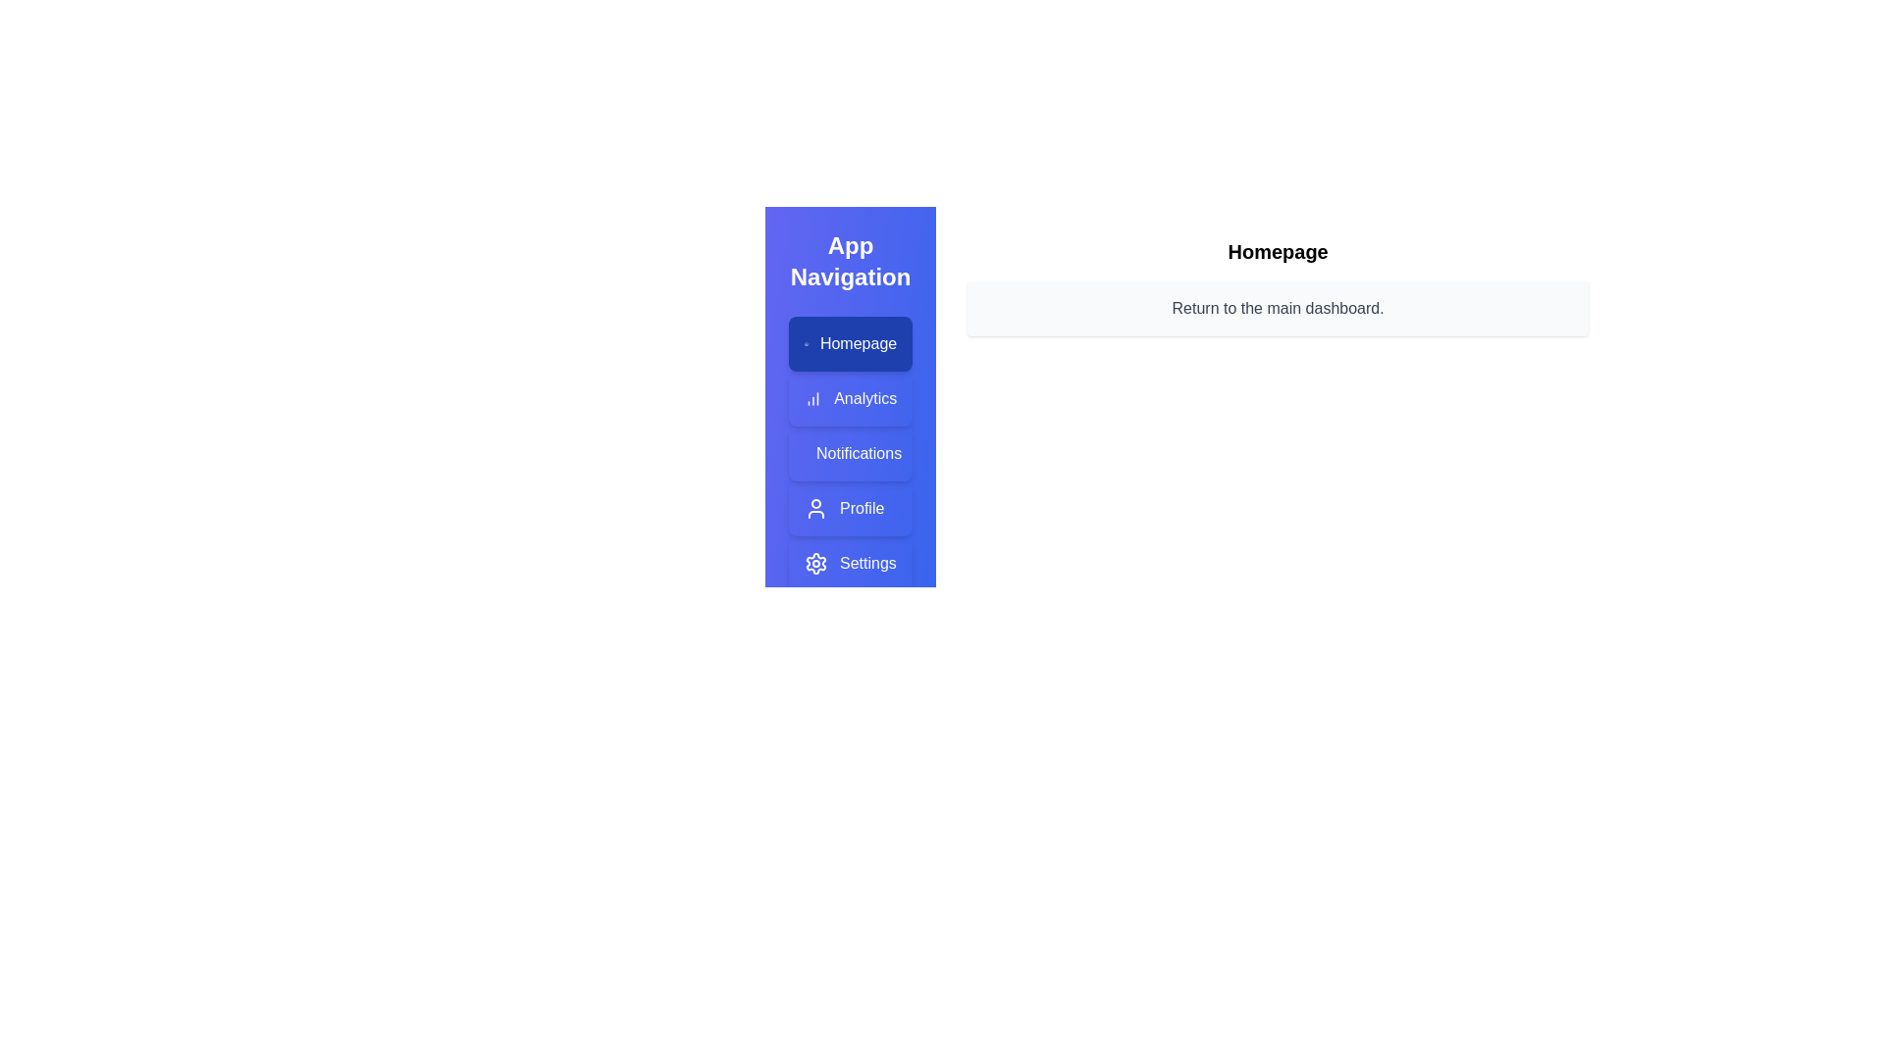  I want to click on the small icon representing a bar chart with increasing columns located in the navigation menu under the 'Homepage' option, next to the word 'Analytics', so click(813, 398).